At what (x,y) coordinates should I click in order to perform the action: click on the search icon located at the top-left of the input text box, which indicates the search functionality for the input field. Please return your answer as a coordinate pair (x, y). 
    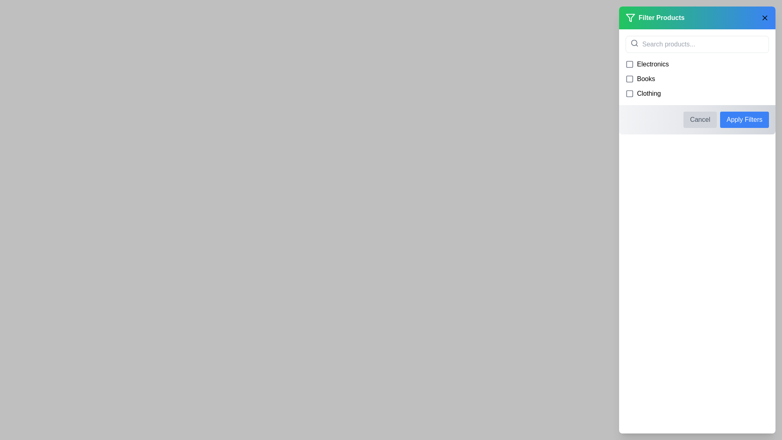
    Looking at the image, I should click on (634, 43).